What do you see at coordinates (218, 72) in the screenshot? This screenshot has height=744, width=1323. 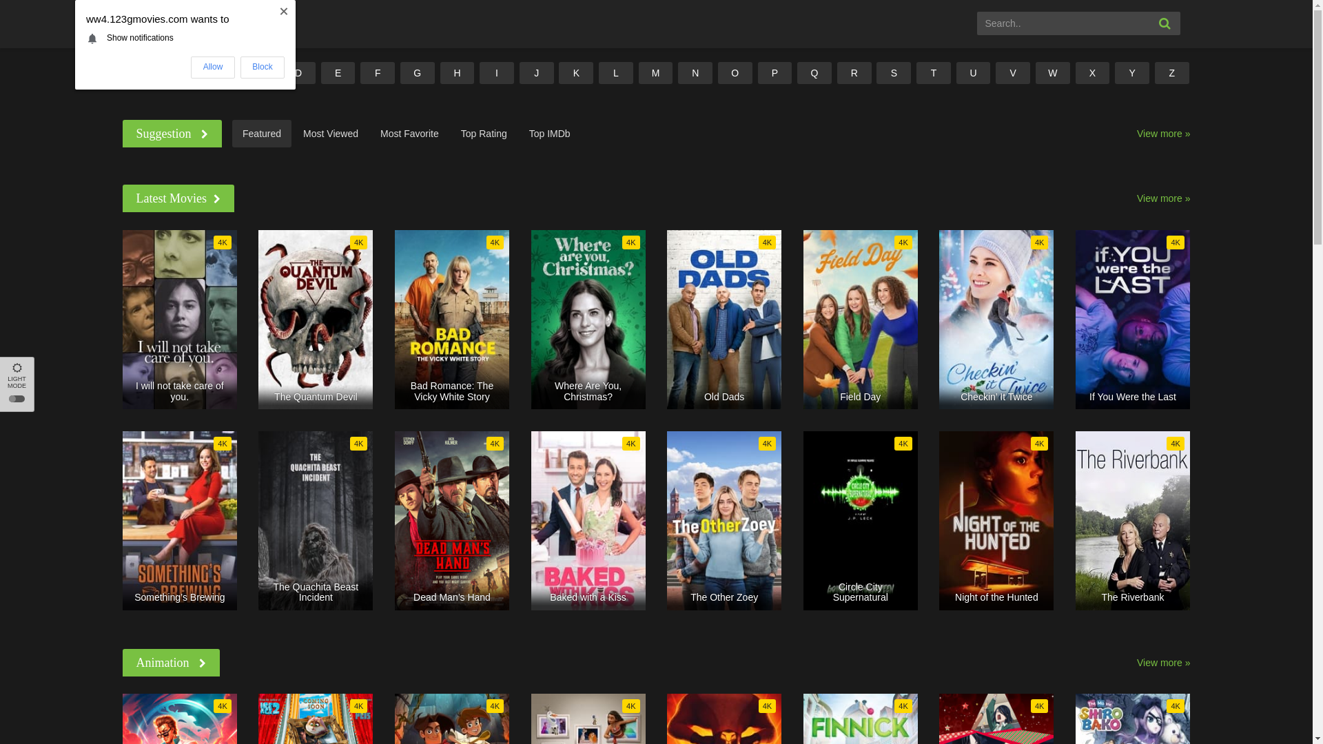 I see `'B'` at bounding box center [218, 72].